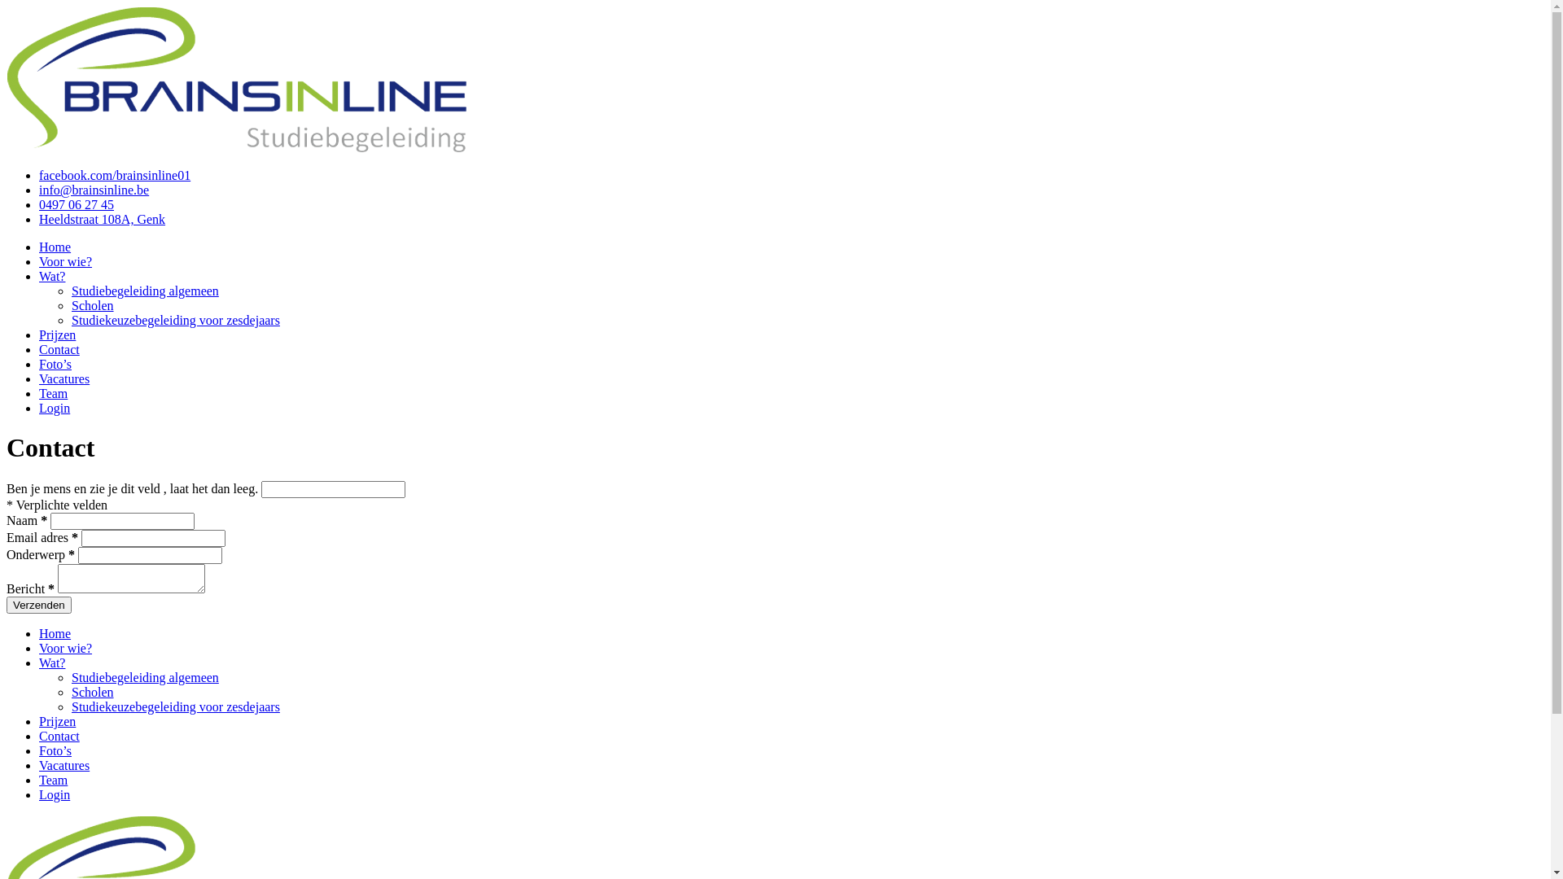 The width and height of the screenshot is (1563, 879). I want to click on 'info@brainsinline.be', so click(93, 189).